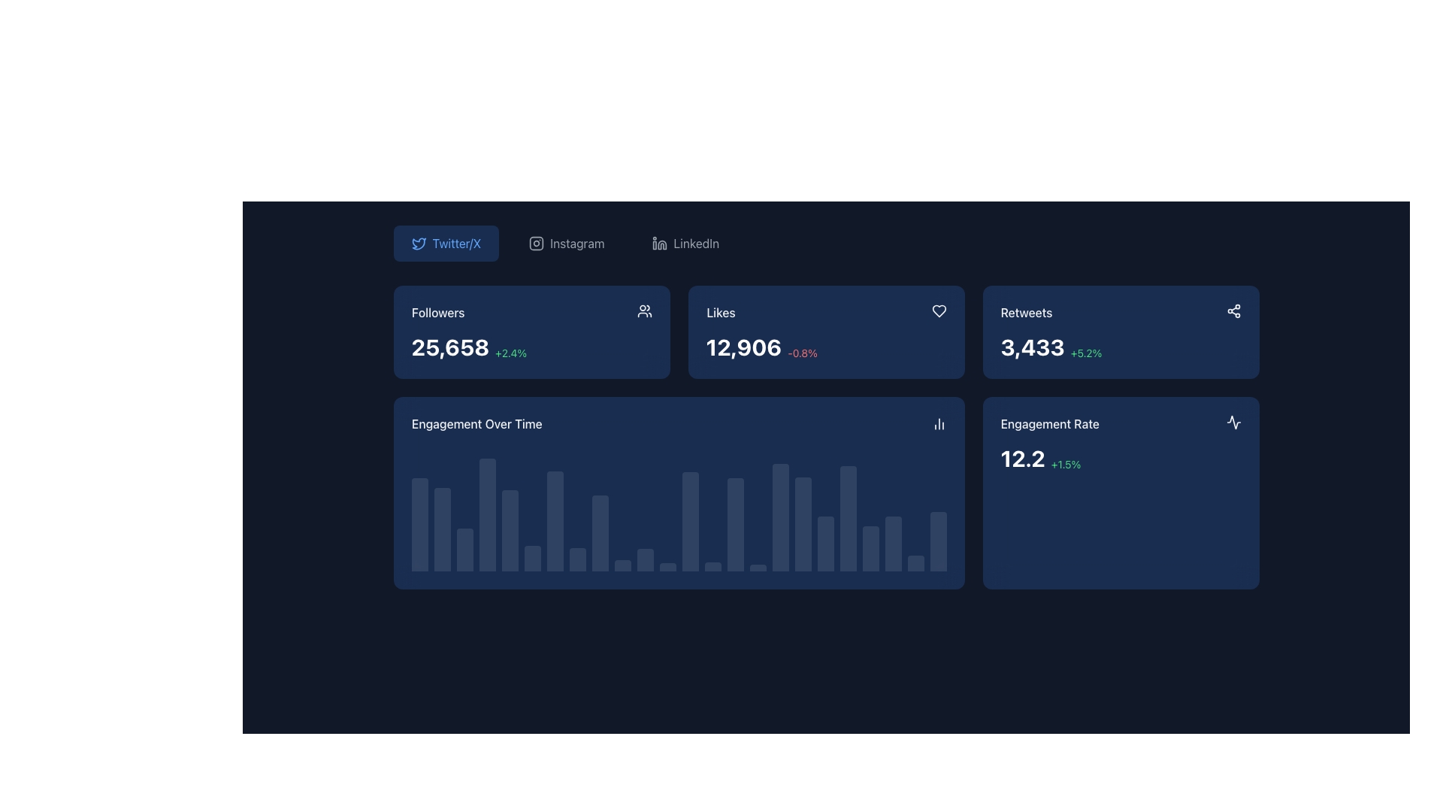  I want to click on the 6th bar in the engagement chart, so click(532, 558).